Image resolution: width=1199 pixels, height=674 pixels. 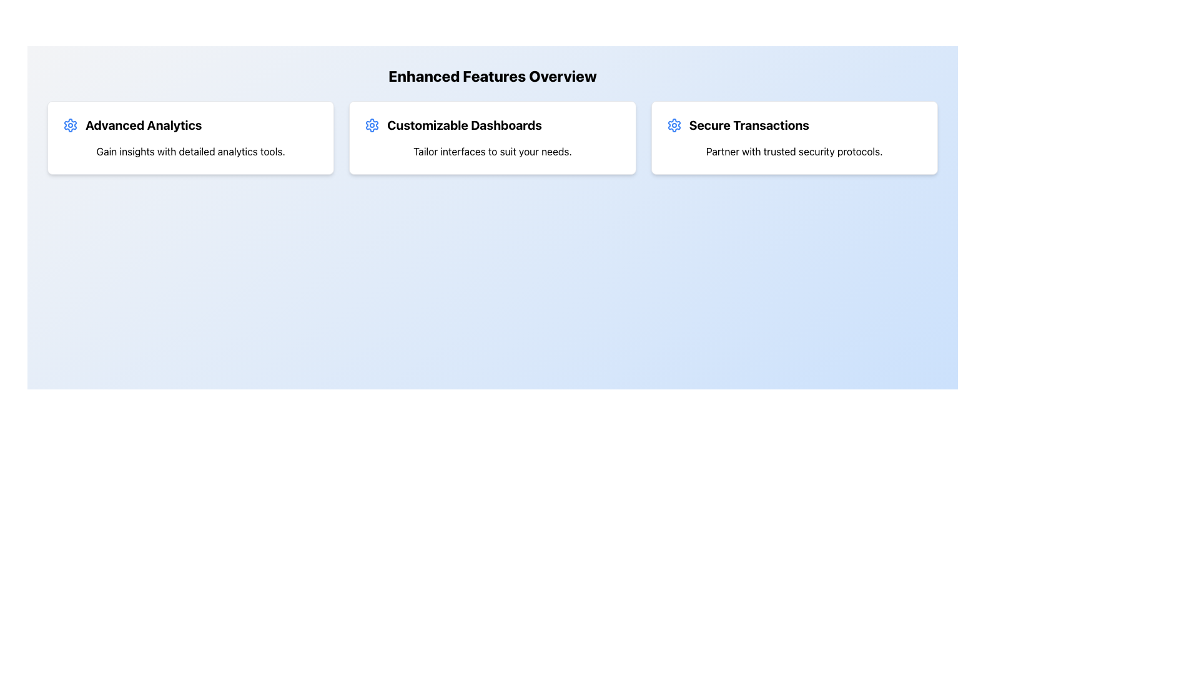 What do you see at coordinates (749, 125) in the screenshot?
I see `the bold text label reading 'Secure Transactions' located in the top center-right of the interface` at bounding box center [749, 125].